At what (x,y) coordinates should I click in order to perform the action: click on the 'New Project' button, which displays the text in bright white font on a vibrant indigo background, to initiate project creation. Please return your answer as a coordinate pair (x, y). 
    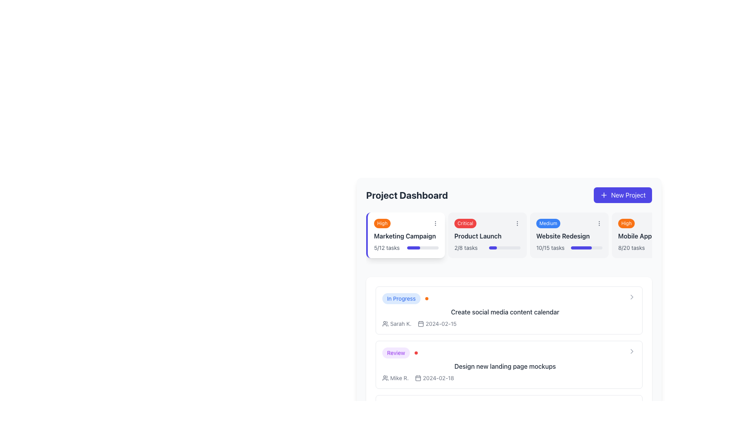
    Looking at the image, I should click on (628, 195).